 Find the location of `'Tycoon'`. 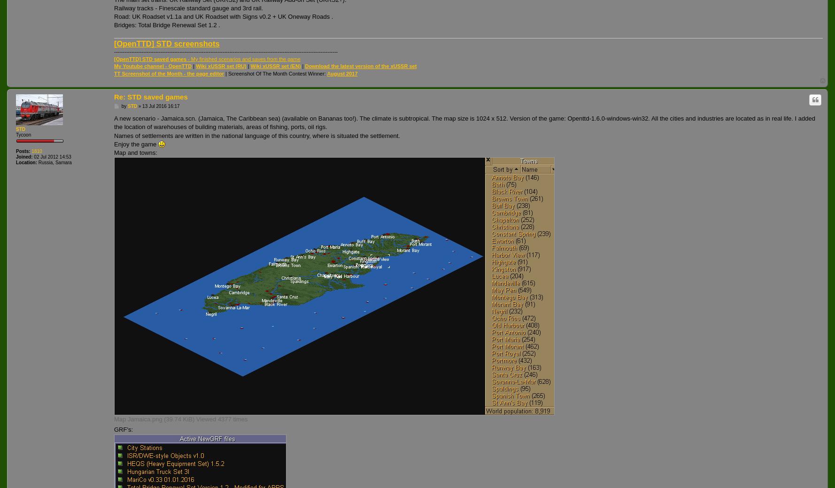

'Tycoon' is located at coordinates (23, 134).